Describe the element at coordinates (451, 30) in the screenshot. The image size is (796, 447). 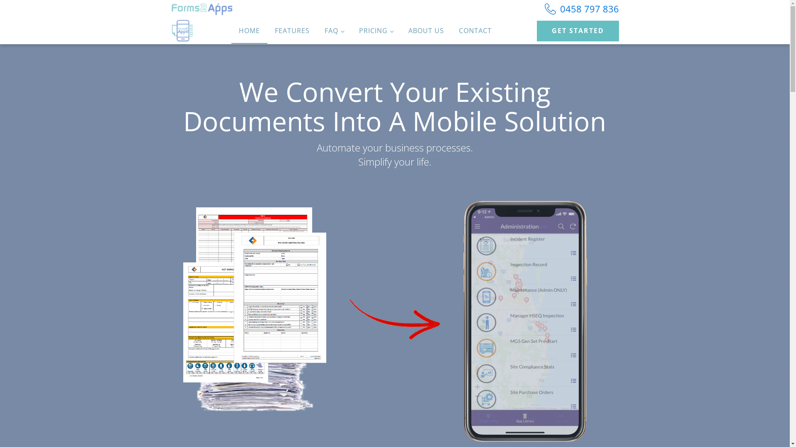
I see `'CONTACT'` at that location.